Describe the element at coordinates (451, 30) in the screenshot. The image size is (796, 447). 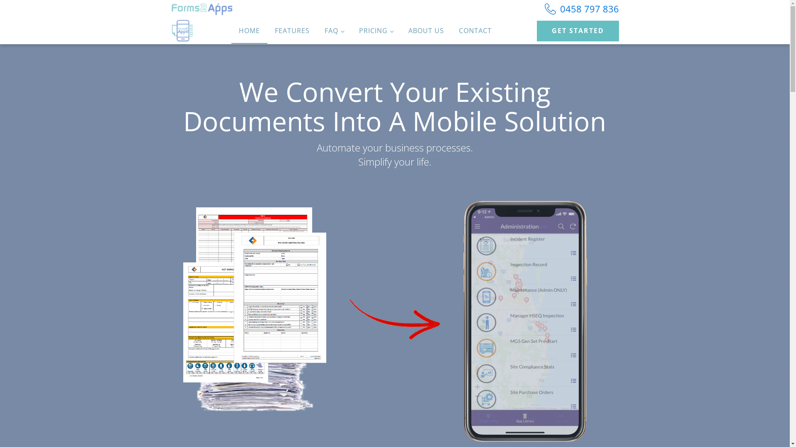
I see `'CONTACT'` at that location.